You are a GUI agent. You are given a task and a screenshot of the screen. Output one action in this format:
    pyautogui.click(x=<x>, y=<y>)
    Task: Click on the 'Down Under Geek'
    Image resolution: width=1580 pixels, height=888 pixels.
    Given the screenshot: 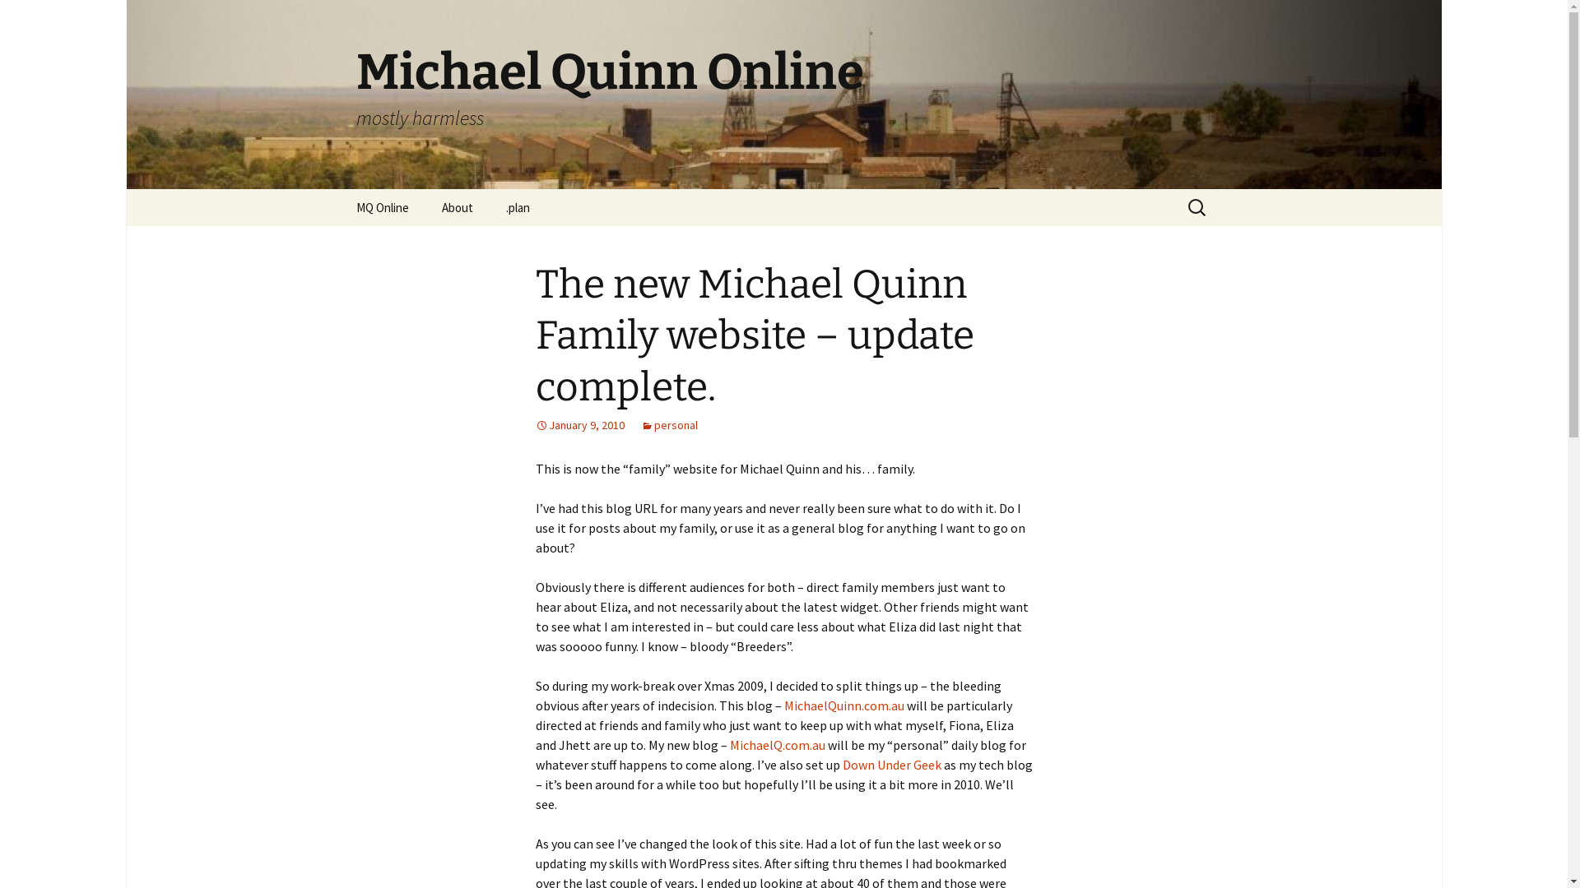 What is the action you would take?
    pyautogui.click(x=891, y=764)
    